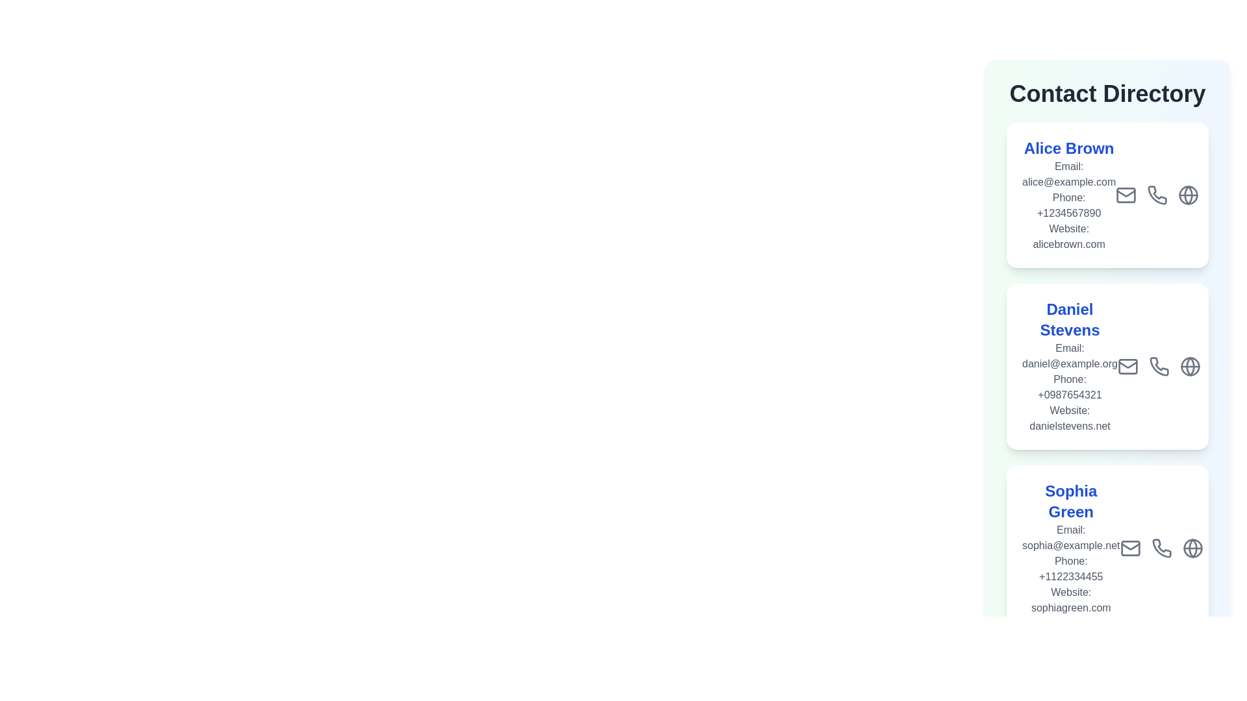  Describe the element at coordinates (1159, 366) in the screenshot. I see `the phone icon for the contact Daniel Stevens` at that location.